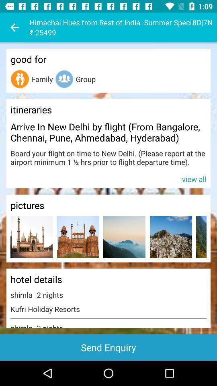 This screenshot has width=217, height=386. What do you see at coordinates (31, 237) in the screenshot?
I see `first photo` at bounding box center [31, 237].